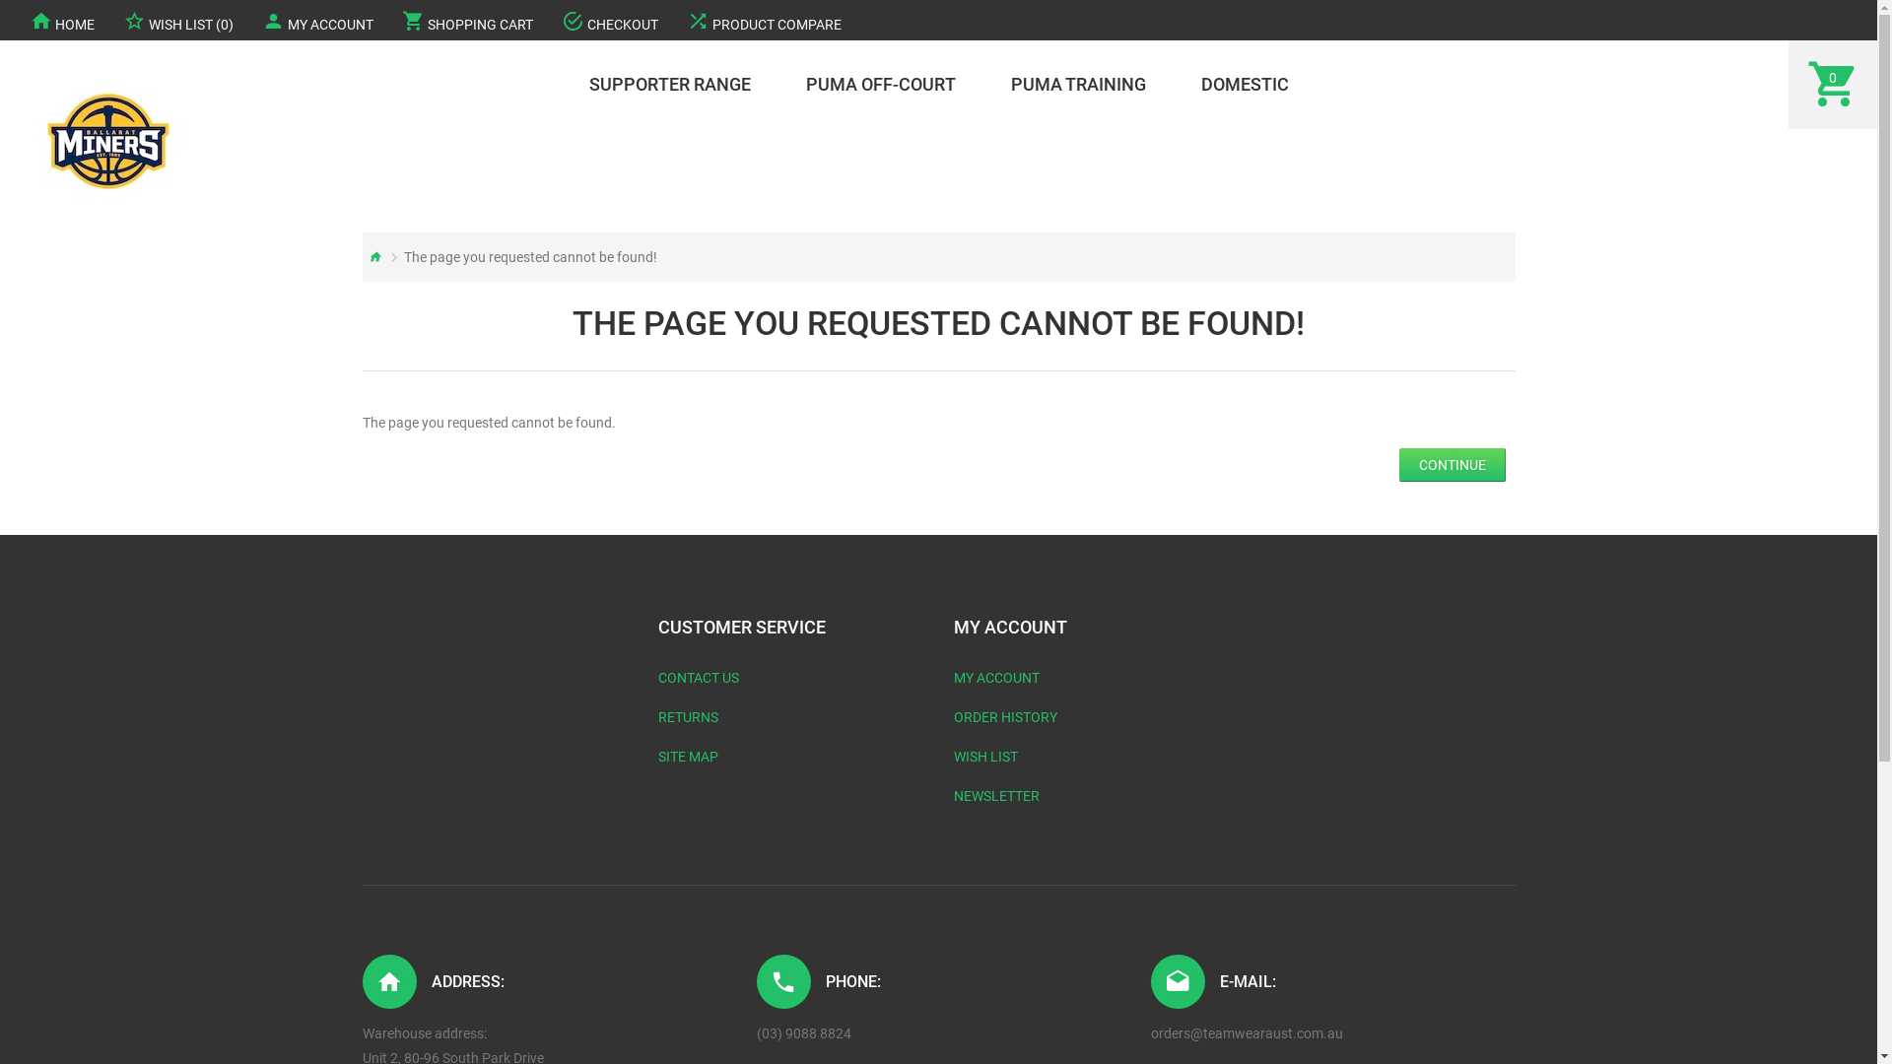 This screenshot has width=1892, height=1064. What do you see at coordinates (699, 676) in the screenshot?
I see `'CONTACT US'` at bounding box center [699, 676].